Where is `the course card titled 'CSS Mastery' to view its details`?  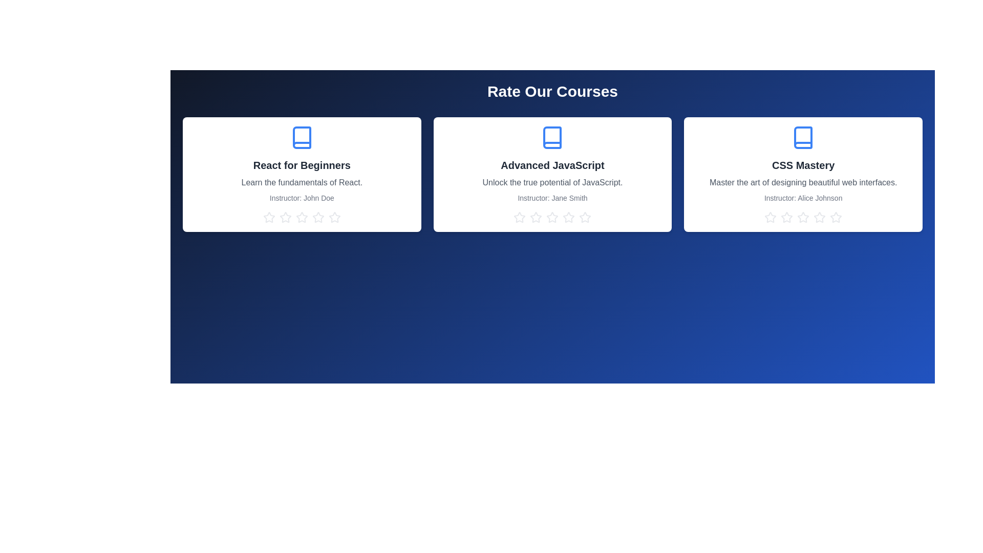 the course card titled 'CSS Mastery' to view its details is located at coordinates (803, 174).